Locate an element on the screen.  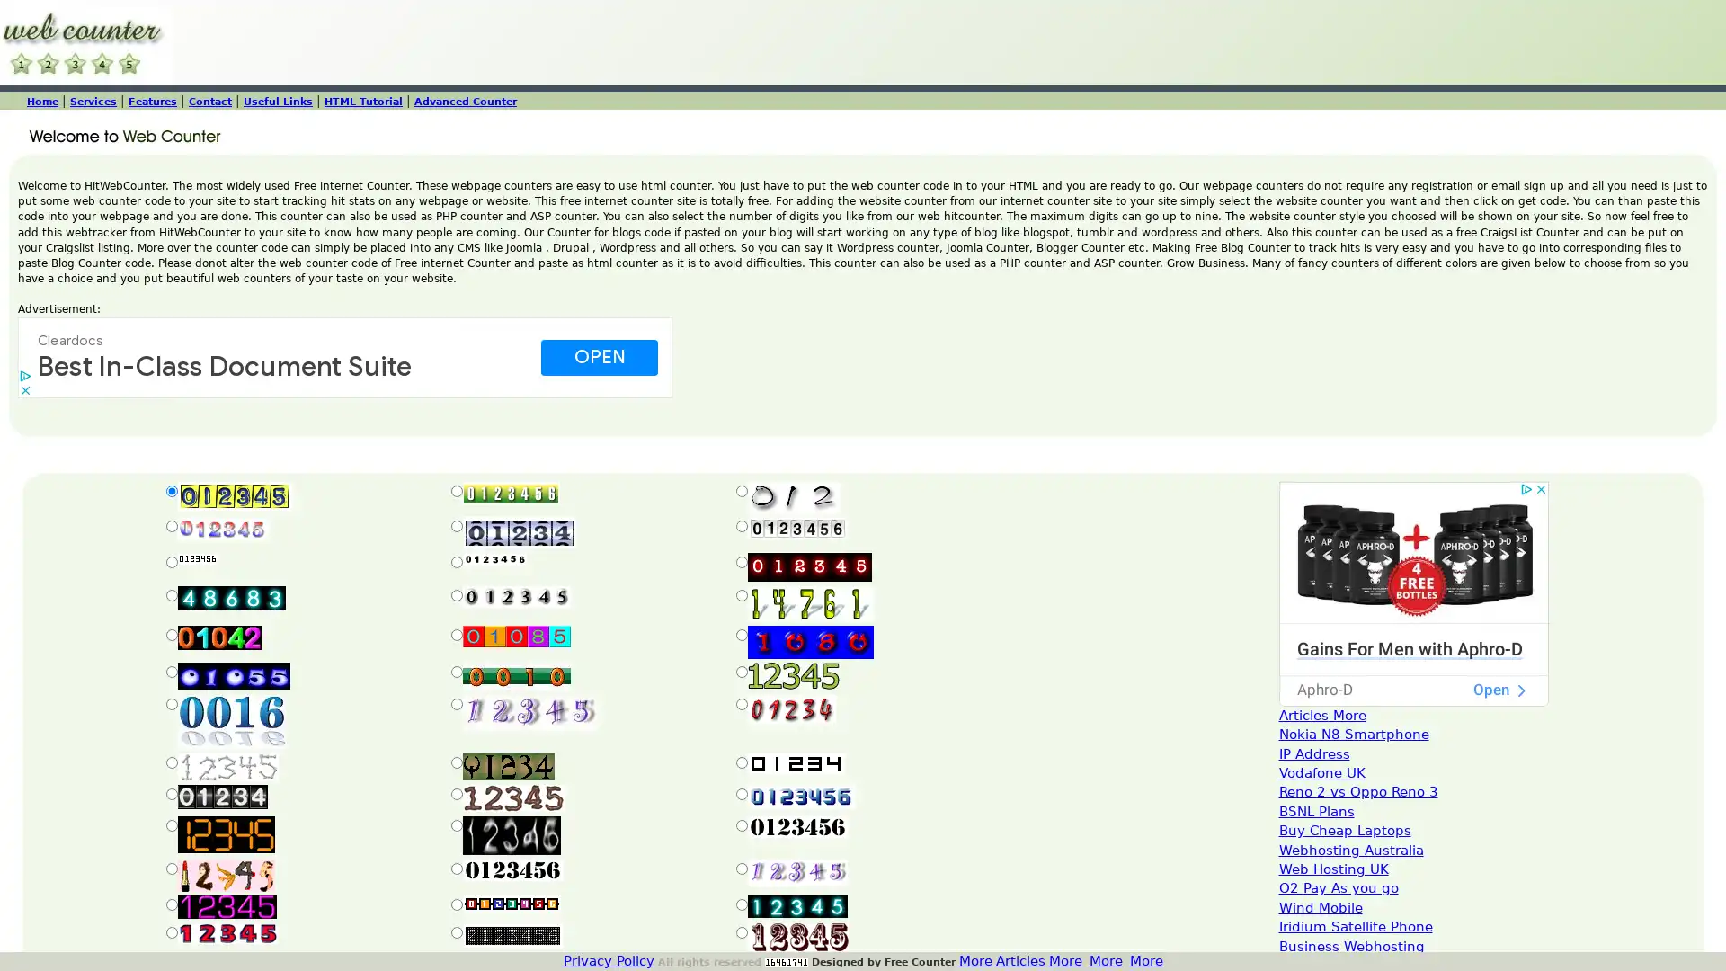
Submit is located at coordinates (227, 907).